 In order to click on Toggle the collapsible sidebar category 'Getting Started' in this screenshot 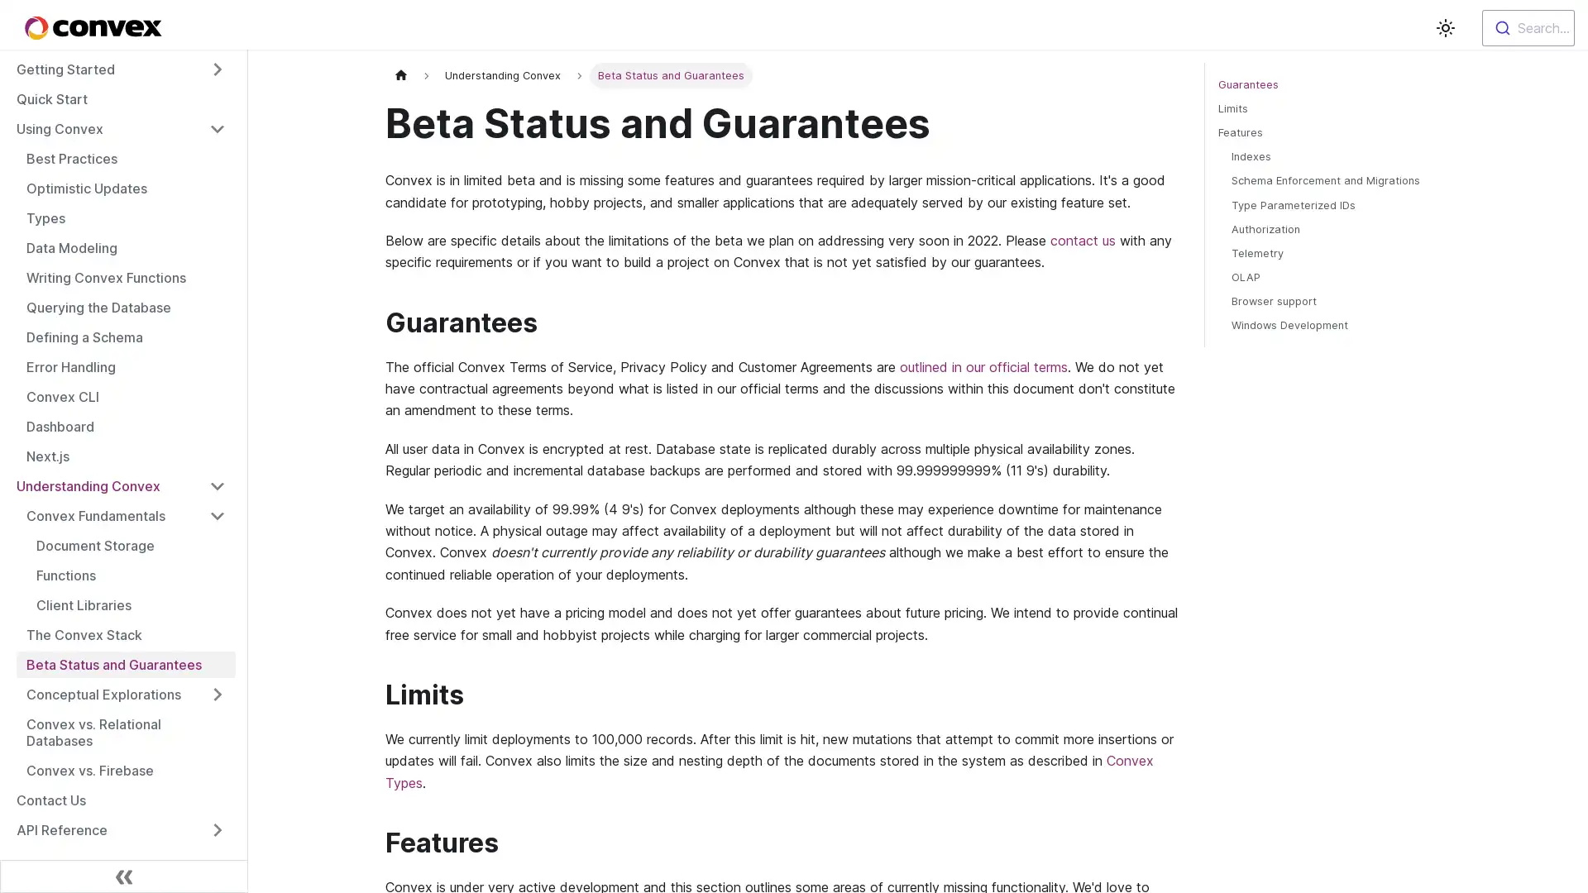, I will do `click(217, 69)`.